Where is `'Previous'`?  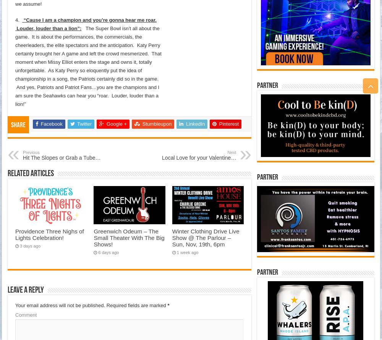 'Previous' is located at coordinates (31, 152).